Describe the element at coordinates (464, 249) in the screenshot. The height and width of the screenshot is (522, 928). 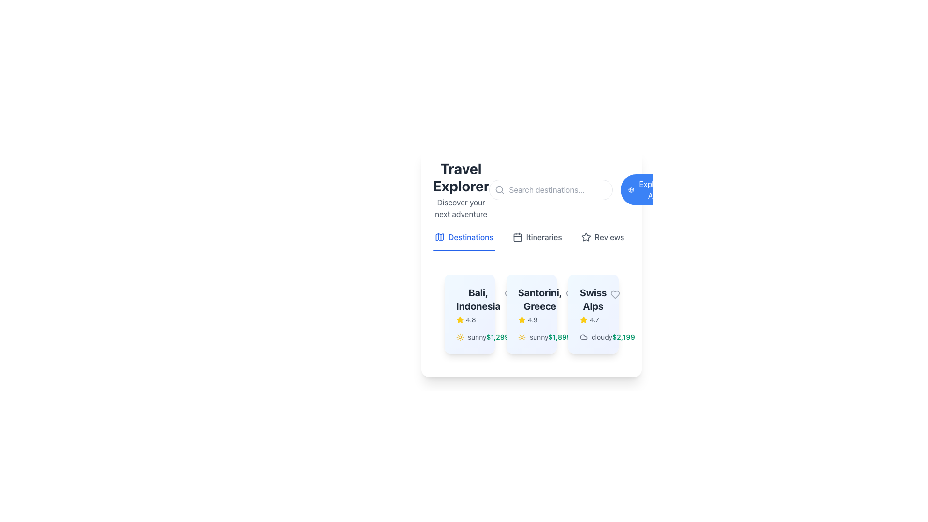
I see `the thin blue line selection indicator located directly beneath the 'Destinations' label in the navigation menu` at that location.